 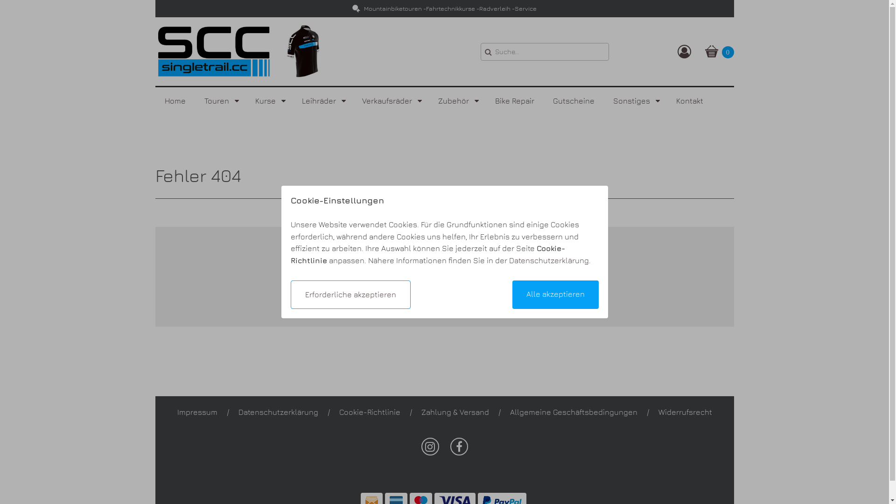 What do you see at coordinates (350, 294) in the screenshot?
I see `'Erforderliche akzeptieren'` at bounding box center [350, 294].